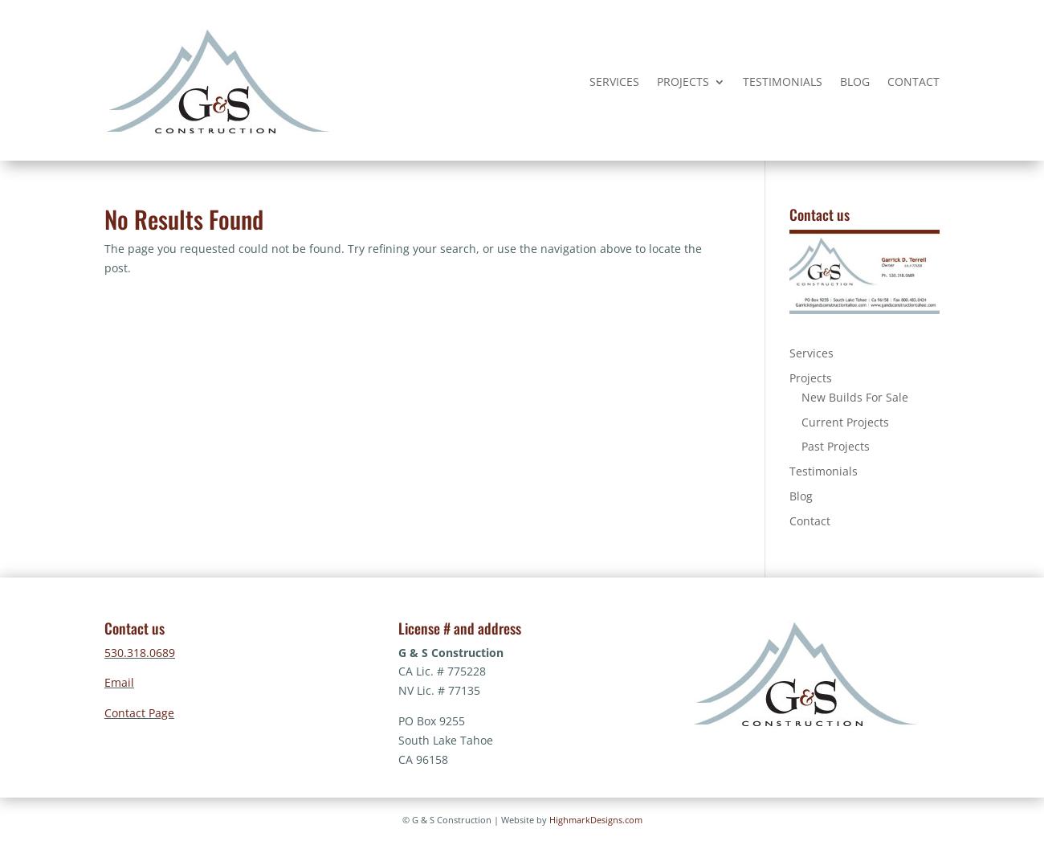  I want to click on 'The page you requested could not be found. Try refining your search, or use the navigation above to locate the post.', so click(104, 258).